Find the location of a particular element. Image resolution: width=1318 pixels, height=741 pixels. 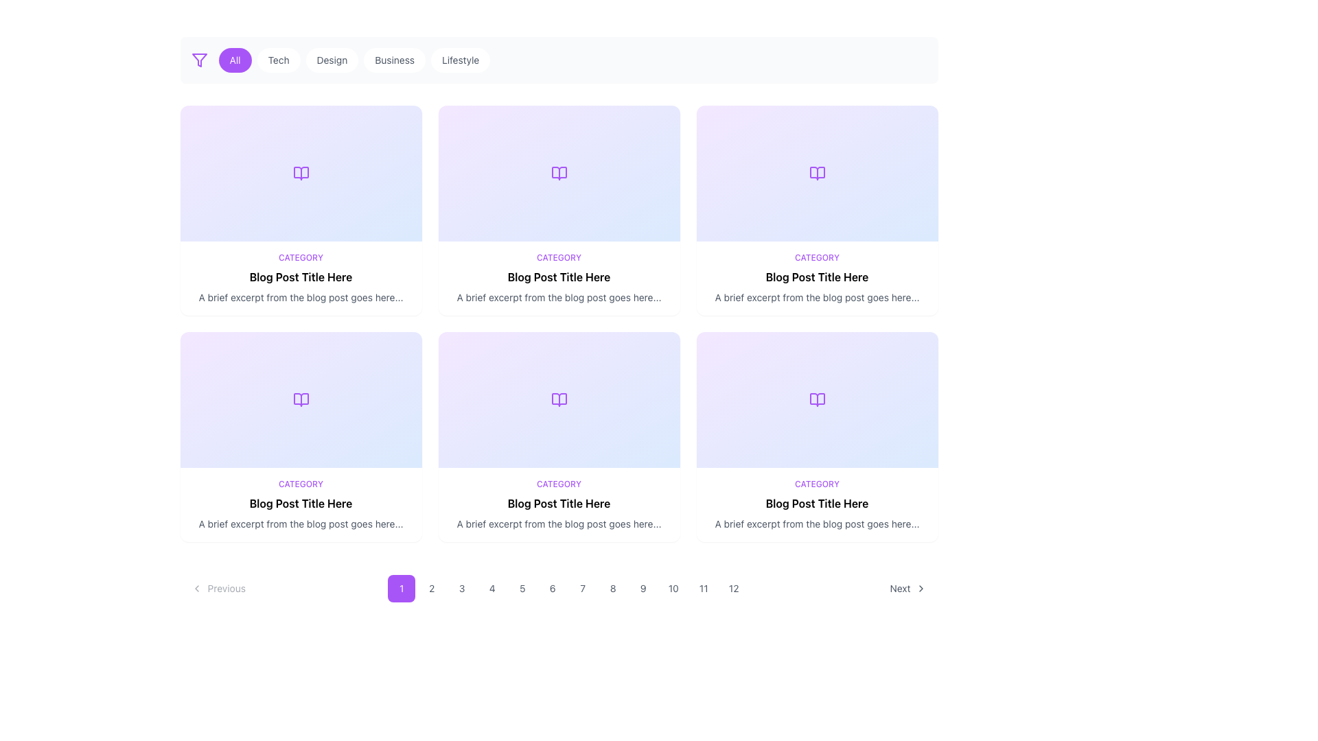

the decorative card with a gradient background and an open book icon located in the first row, second column of the grid is located at coordinates (559, 173).